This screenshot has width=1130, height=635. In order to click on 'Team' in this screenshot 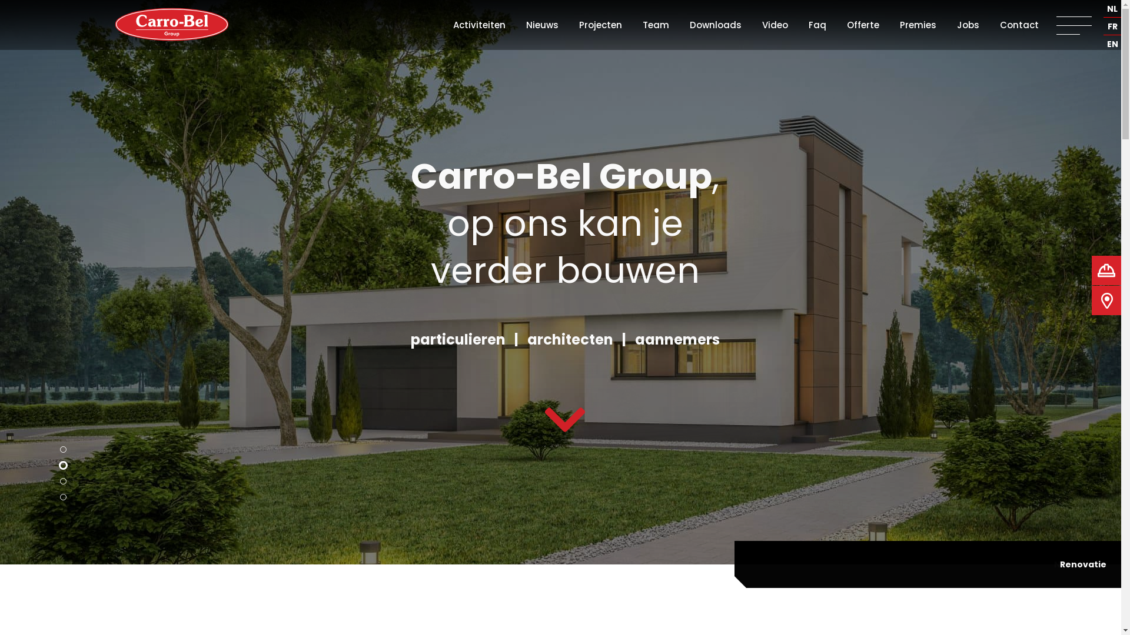, I will do `click(655, 25)`.